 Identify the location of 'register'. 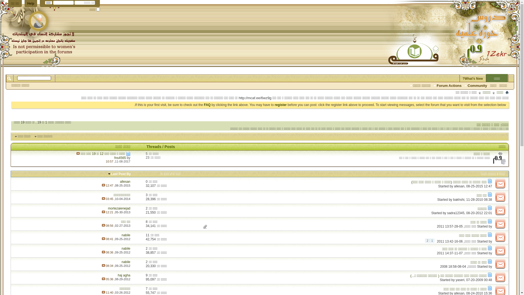
(275, 105).